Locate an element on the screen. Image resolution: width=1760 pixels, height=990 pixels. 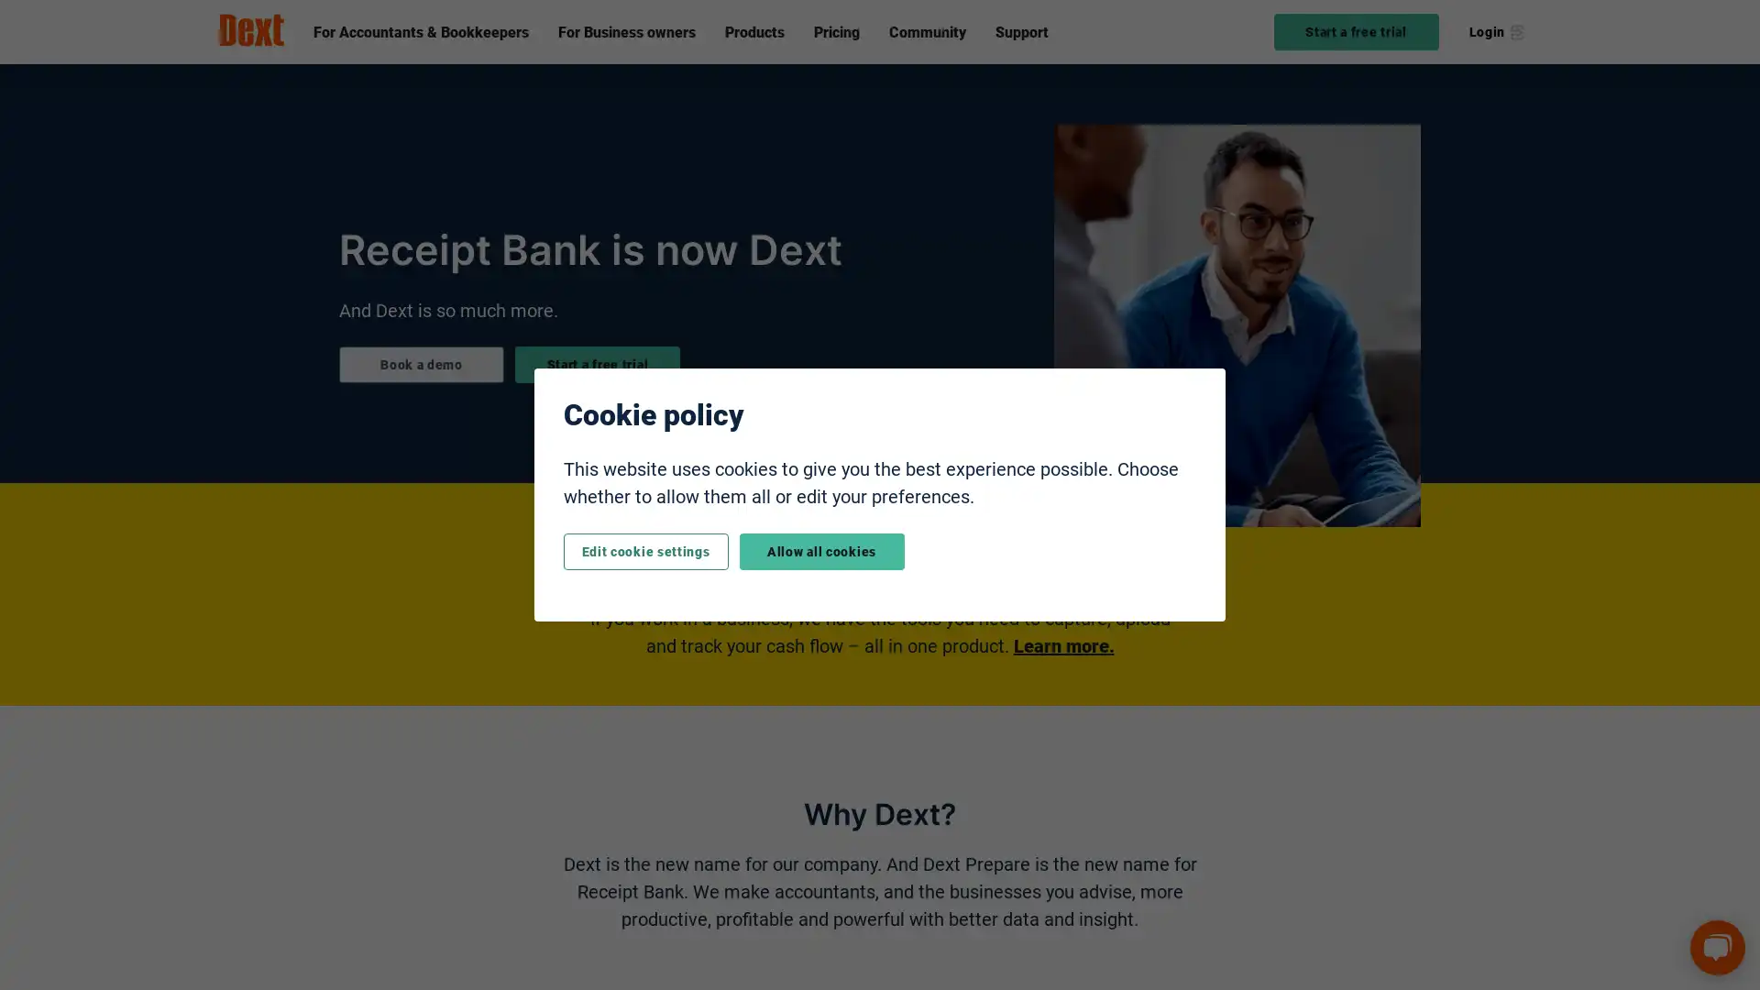
Allow all cookies is located at coordinates (820, 550).